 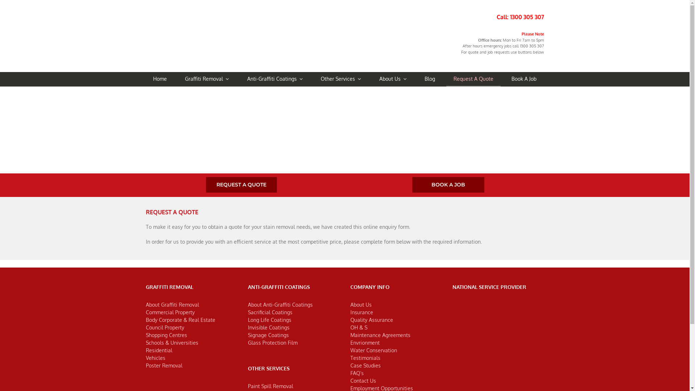 What do you see at coordinates (241, 184) in the screenshot?
I see `'REQUEST A QUOTE'` at bounding box center [241, 184].